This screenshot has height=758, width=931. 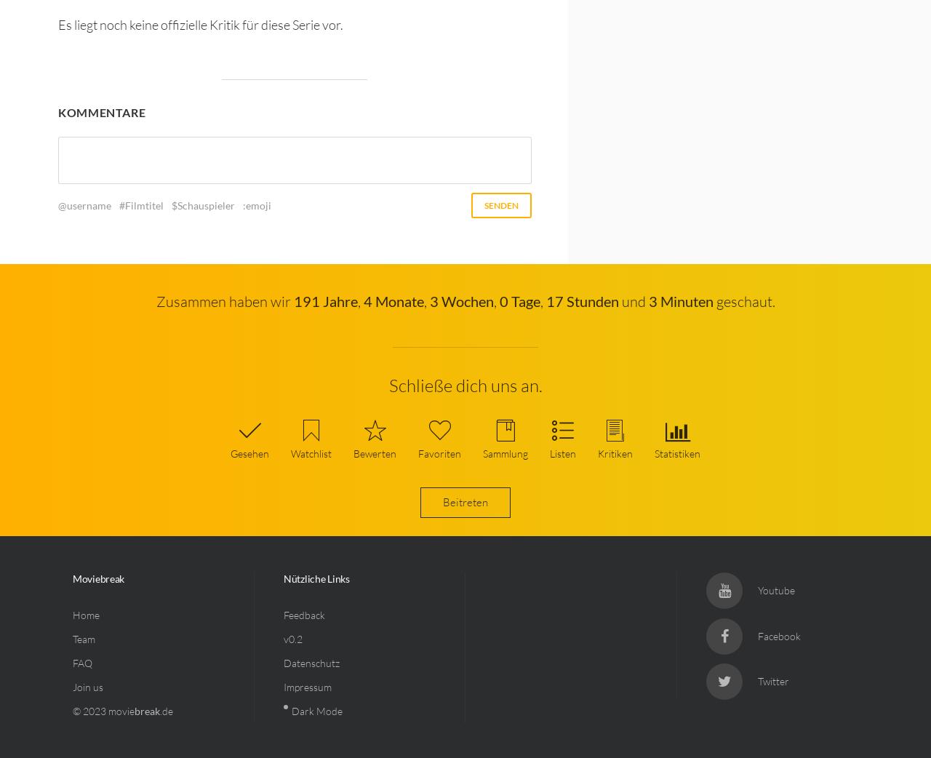 I want to click on '3 Minuten', so click(x=647, y=300).